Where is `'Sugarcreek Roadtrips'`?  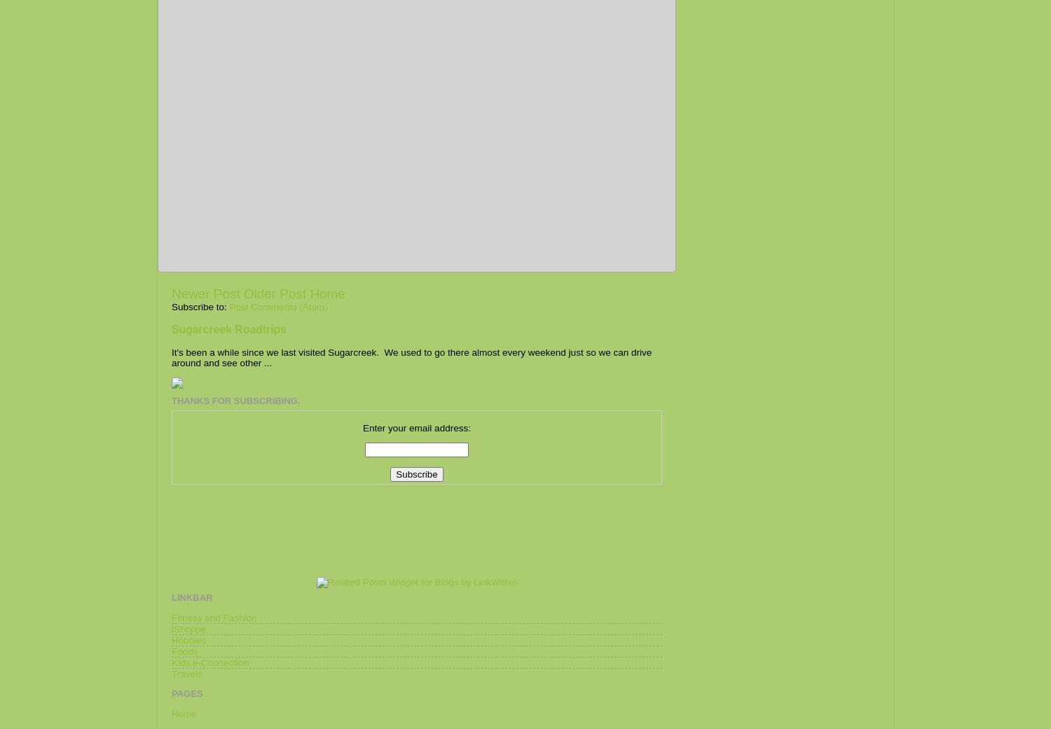
'Sugarcreek Roadtrips' is located at coordinates (228, 328).